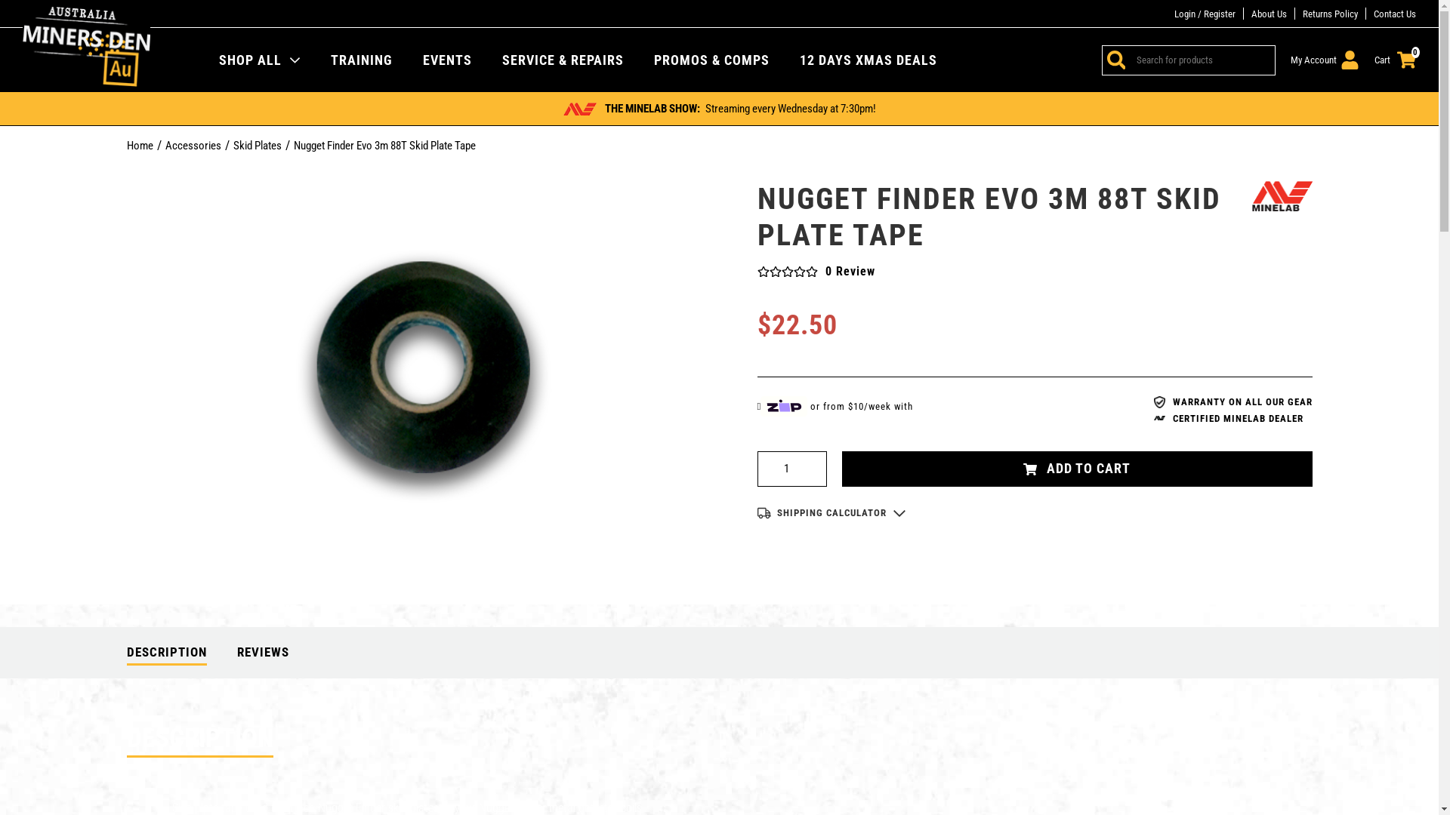 The height and width of the screenshot is (815, 1450). What do you see at coordinates (718, 107) in the screenshot?
I see `'THE MINELAB SHOW:` at bounding box center [718, 107].